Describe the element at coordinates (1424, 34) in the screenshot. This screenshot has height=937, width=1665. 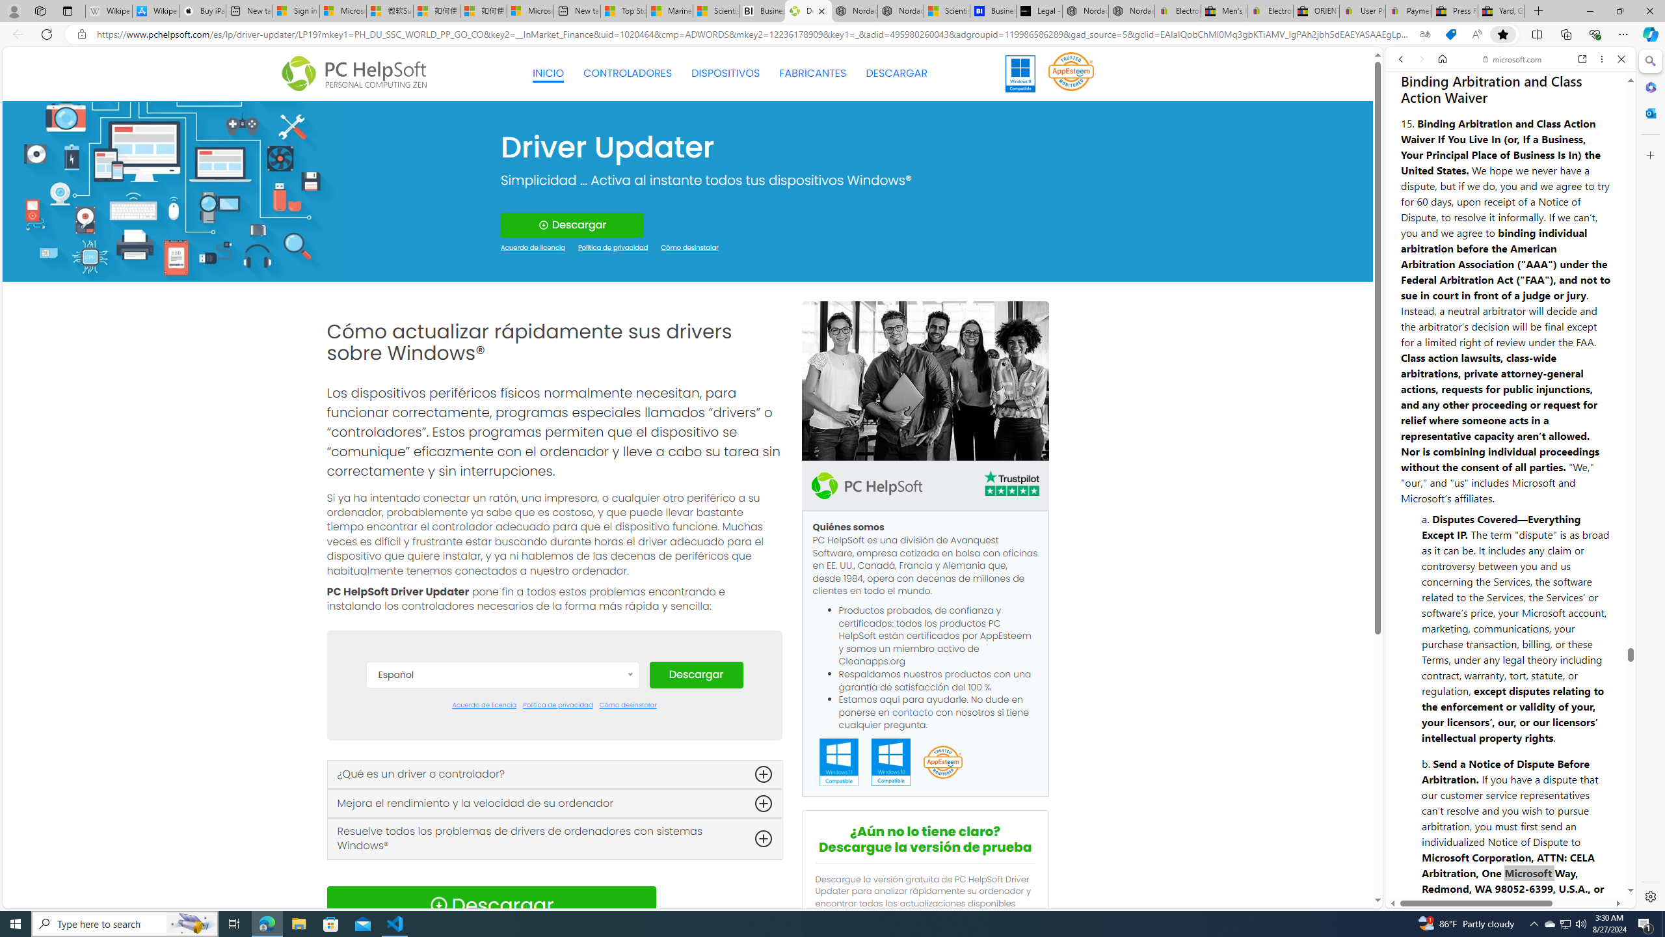
I see `'Show translate options'` at that location.